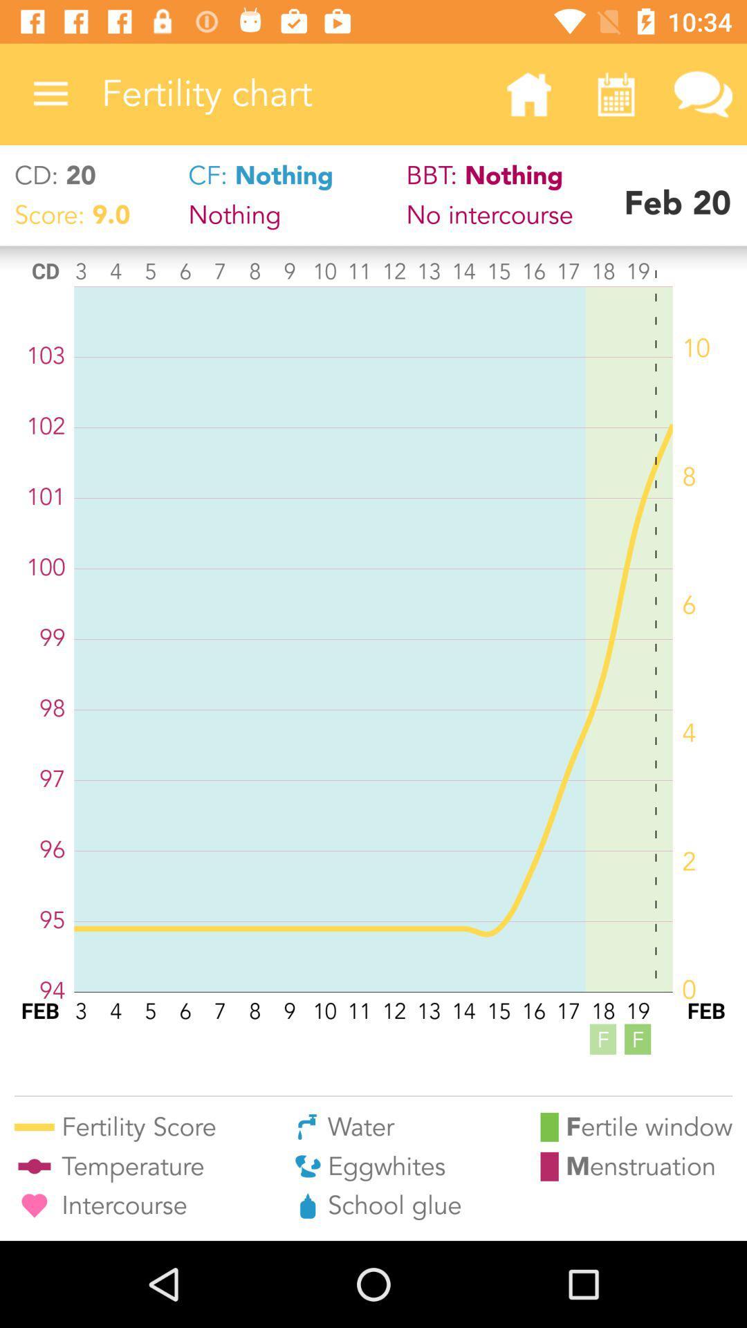 Image resolution: width=747 pixels, height=1328 pixels. I want to click on the item to the left of fertility chart icon, so click(50, 93).